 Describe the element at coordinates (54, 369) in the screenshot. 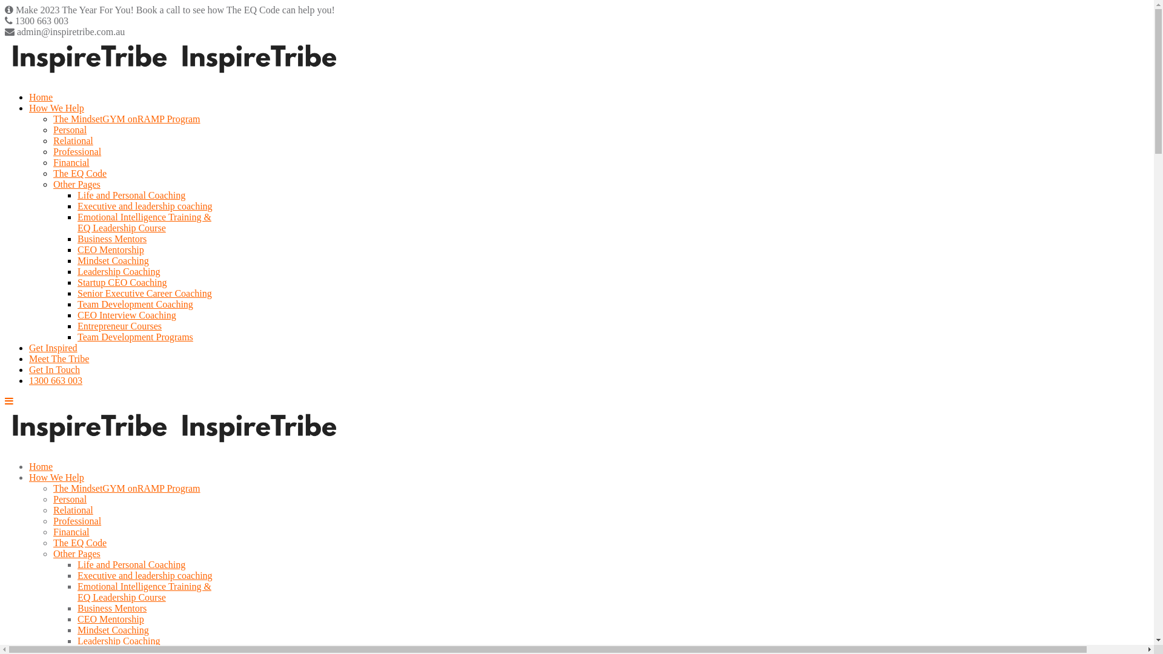

I see `'Get In Touch'` at that location.